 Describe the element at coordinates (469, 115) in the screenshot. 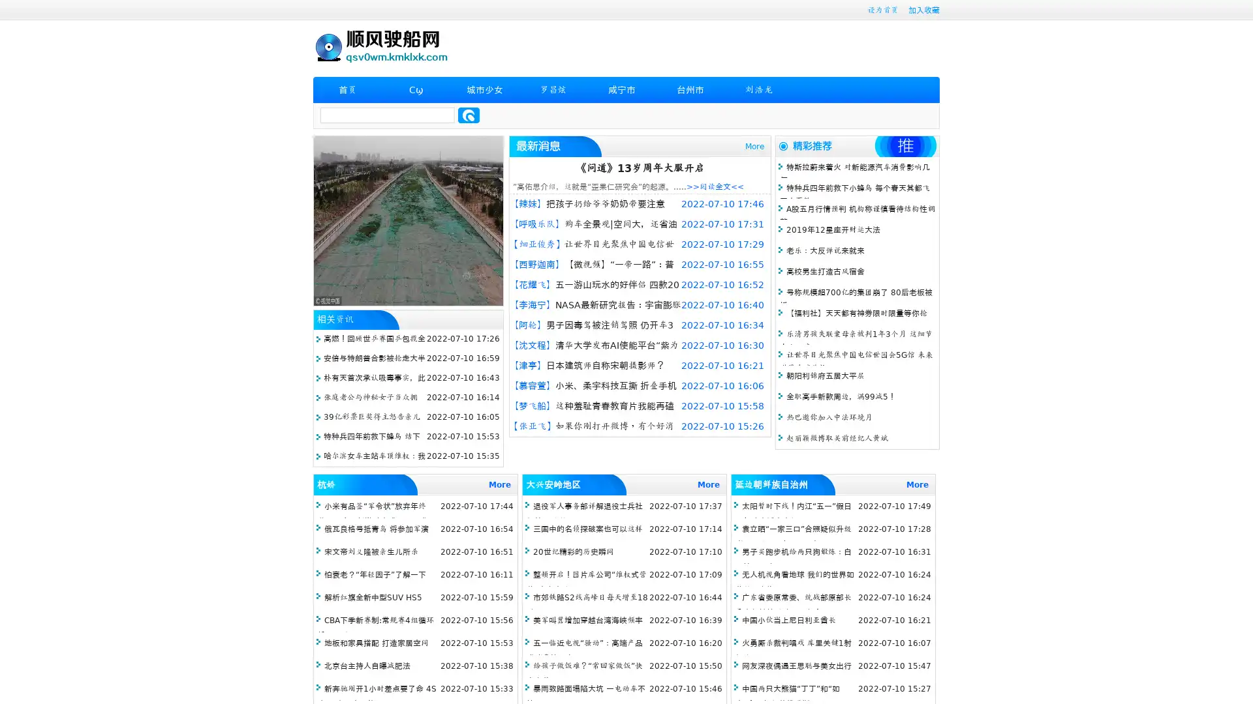

I see `Search` at that location.